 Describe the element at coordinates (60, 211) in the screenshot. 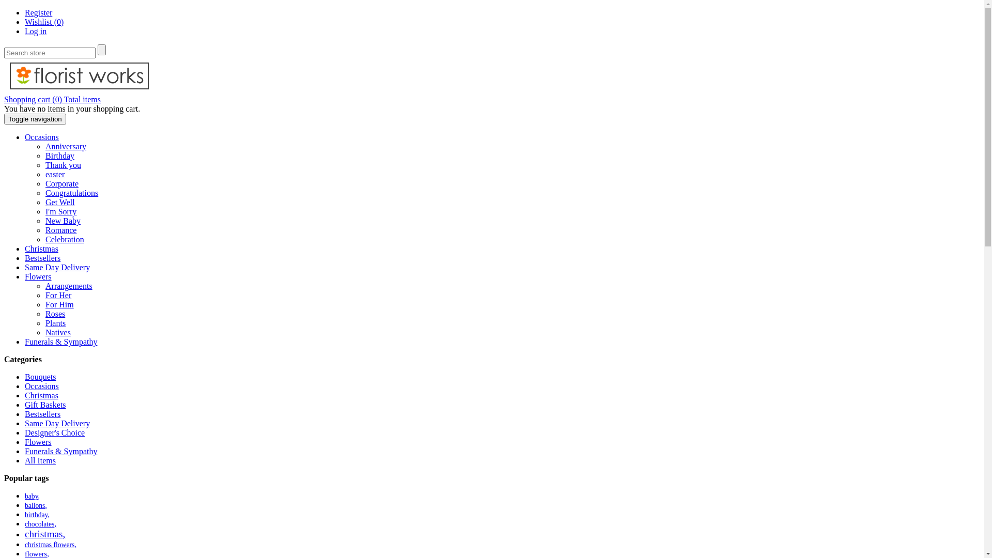

I see `'I'm Sorry'` at that location.